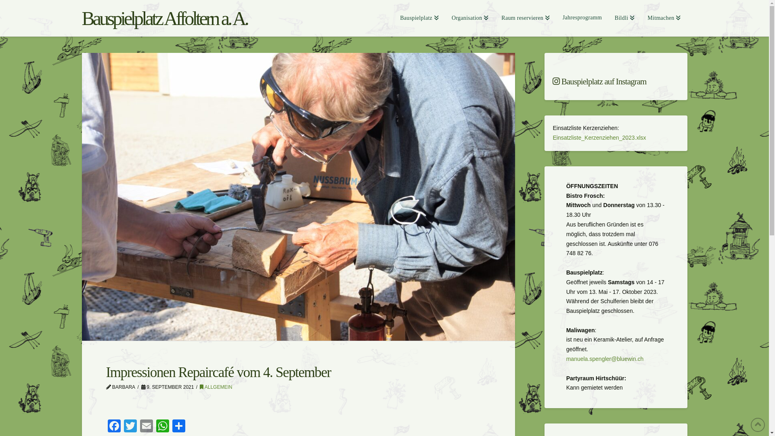  Describe the element at coordinates (81, 18) in the screenshot. I see `'Bauspielplatz Affoltern a. A.'` at that location.